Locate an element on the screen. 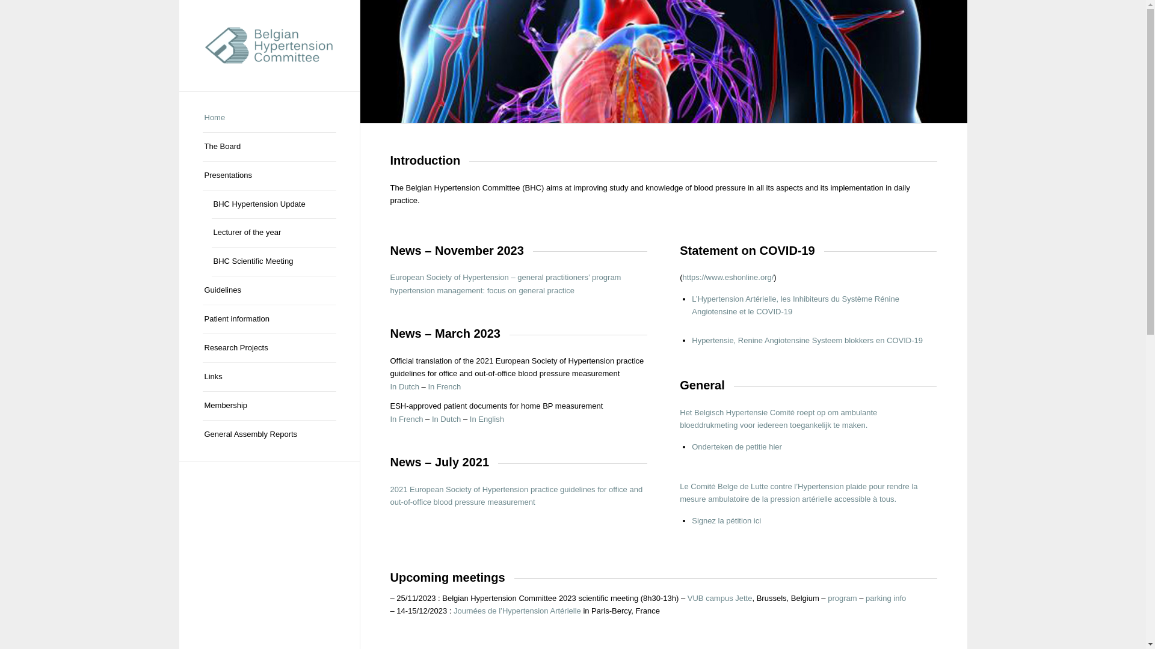 This screenshot has width=1155, height=649. 'Links' is located at coordinates (268, 377).